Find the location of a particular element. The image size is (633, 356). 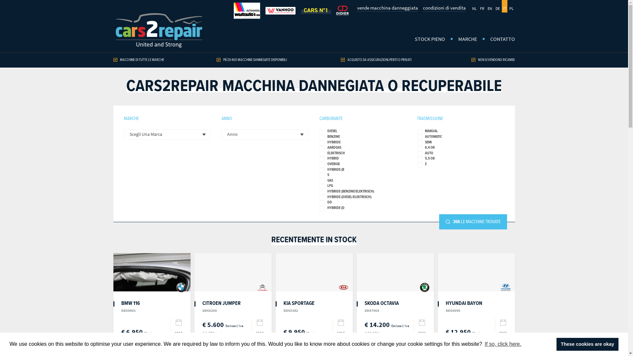

'FR' is located at coordinates (482, 6).